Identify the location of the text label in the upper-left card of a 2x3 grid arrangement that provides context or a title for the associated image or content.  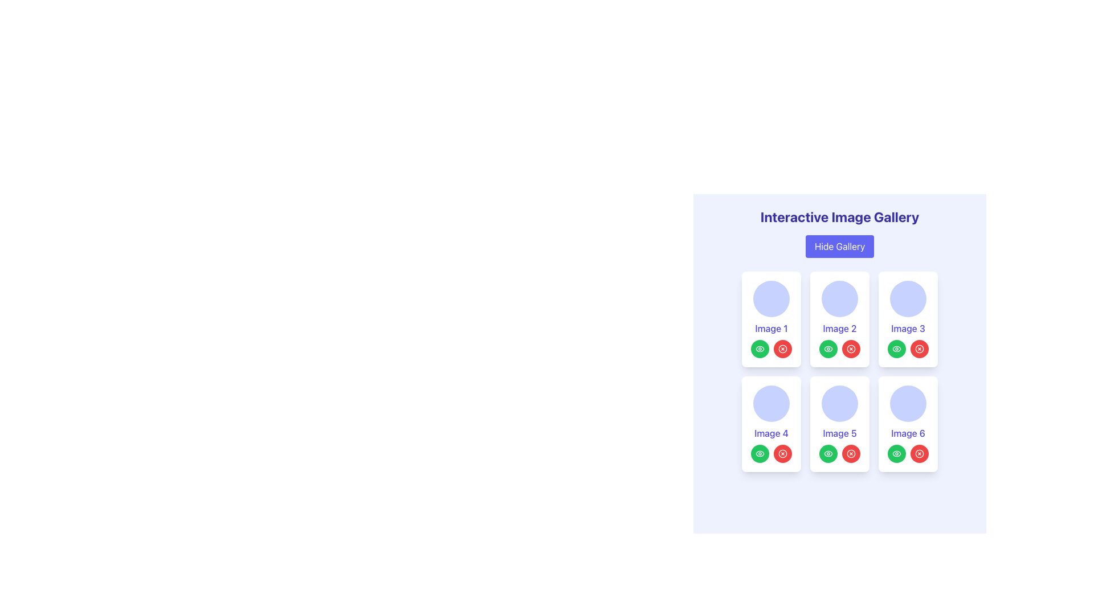
(771, 329).